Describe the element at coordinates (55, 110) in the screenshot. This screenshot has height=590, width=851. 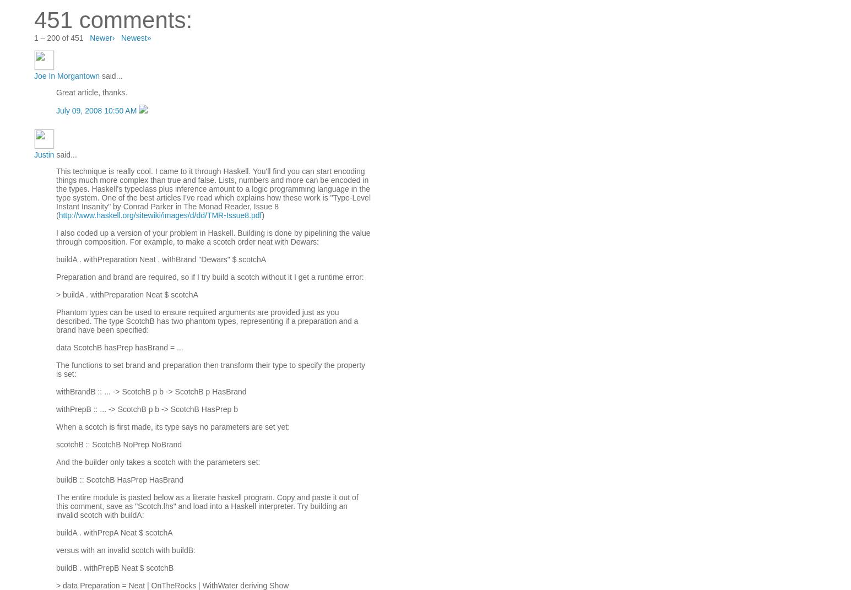
I see `'July 09, 2008 10:50 AM'` at that location.